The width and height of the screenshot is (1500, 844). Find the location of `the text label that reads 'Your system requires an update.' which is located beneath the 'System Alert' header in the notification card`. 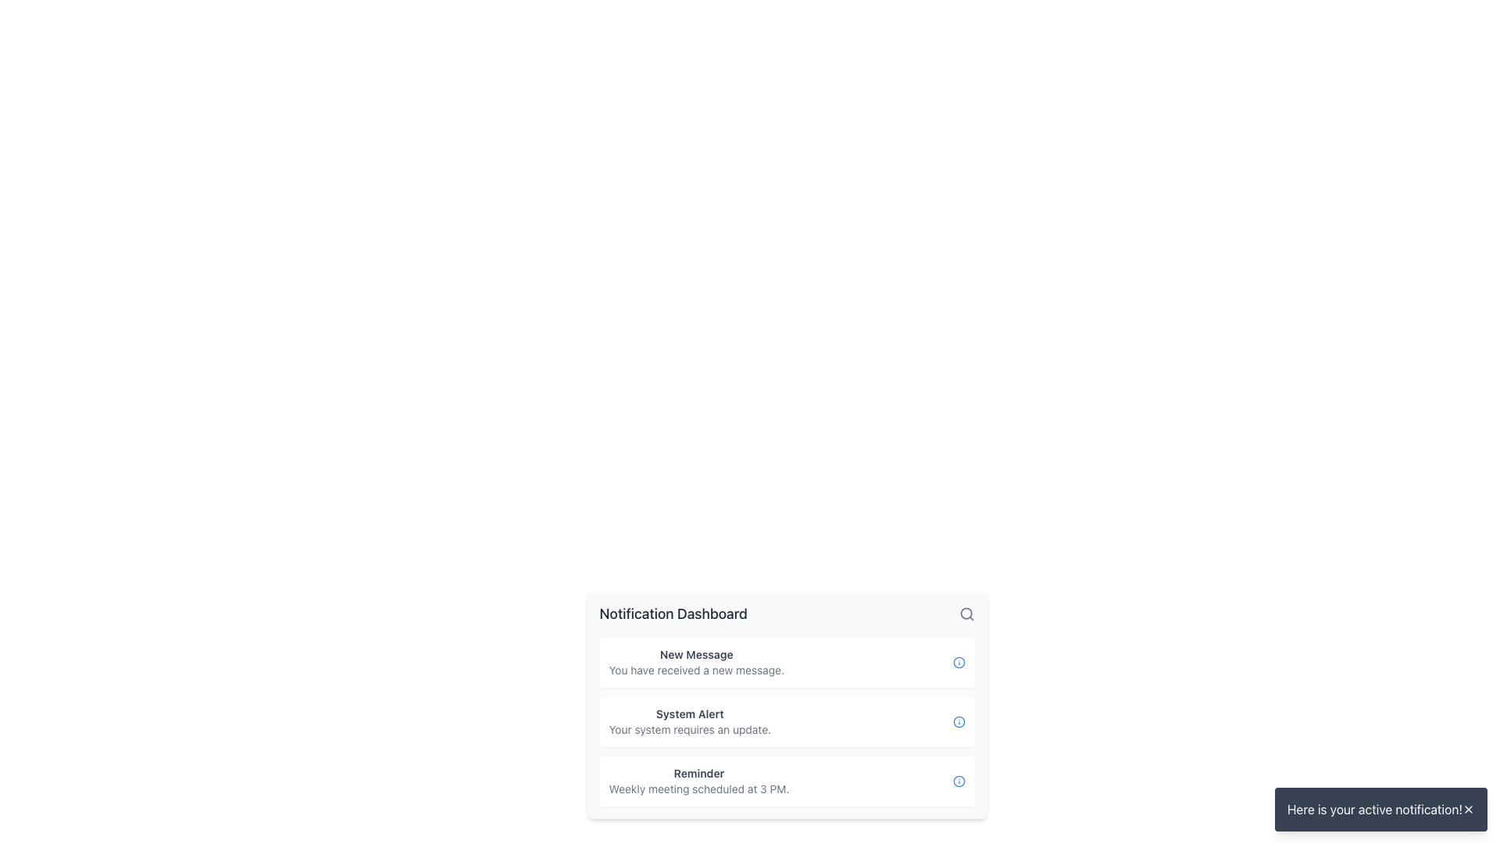

the text label that reads 'Your system requires an update.' which is located beneath the 'System Alert' header in the notification card is located at coordinates (689, 729).